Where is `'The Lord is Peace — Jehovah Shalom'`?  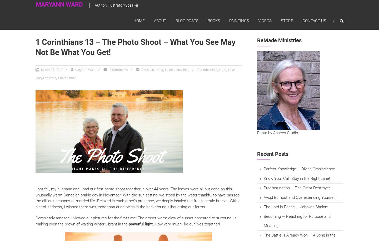 'The Lord is Peace — Jehovah Shalom' is located at coordinates (263, 206).